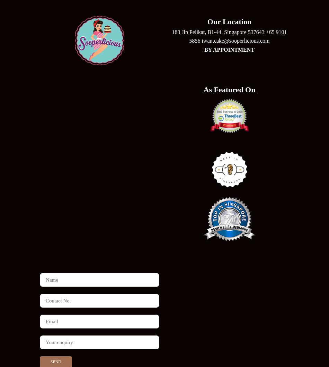 The height and width of the screenshot is (367, 329). Describe the element at coordinates (164, 268) in the screenshot. I see `'Video'` at that location.